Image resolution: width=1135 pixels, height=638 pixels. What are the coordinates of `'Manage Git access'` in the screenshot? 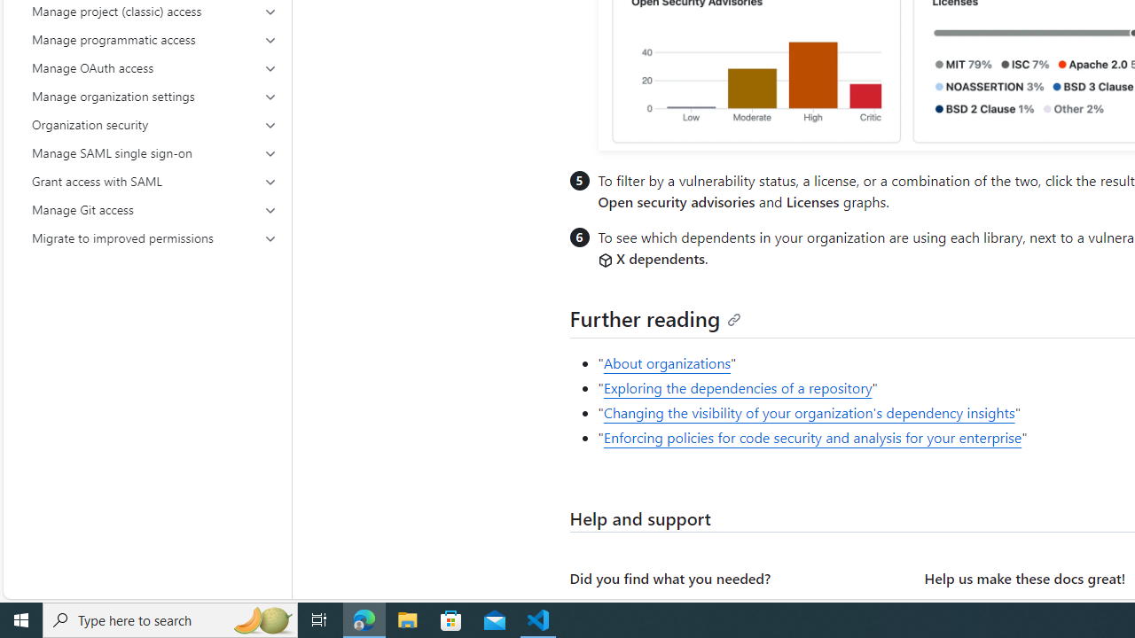 It's located at (154, 208).